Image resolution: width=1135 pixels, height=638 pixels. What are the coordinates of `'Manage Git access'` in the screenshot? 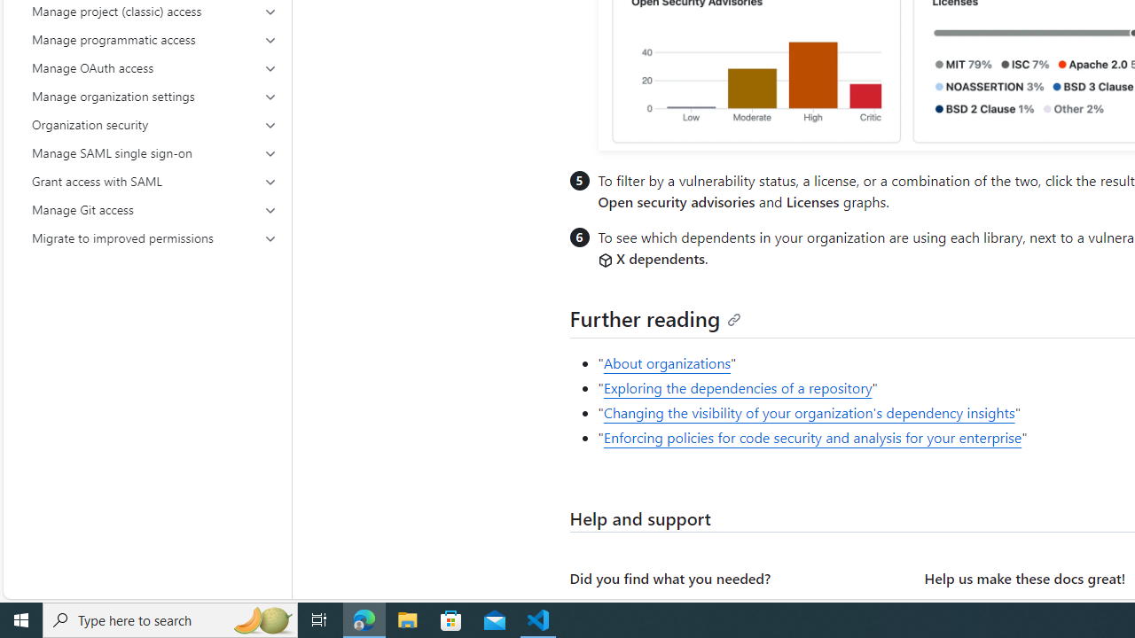 It's located at (154, 208).